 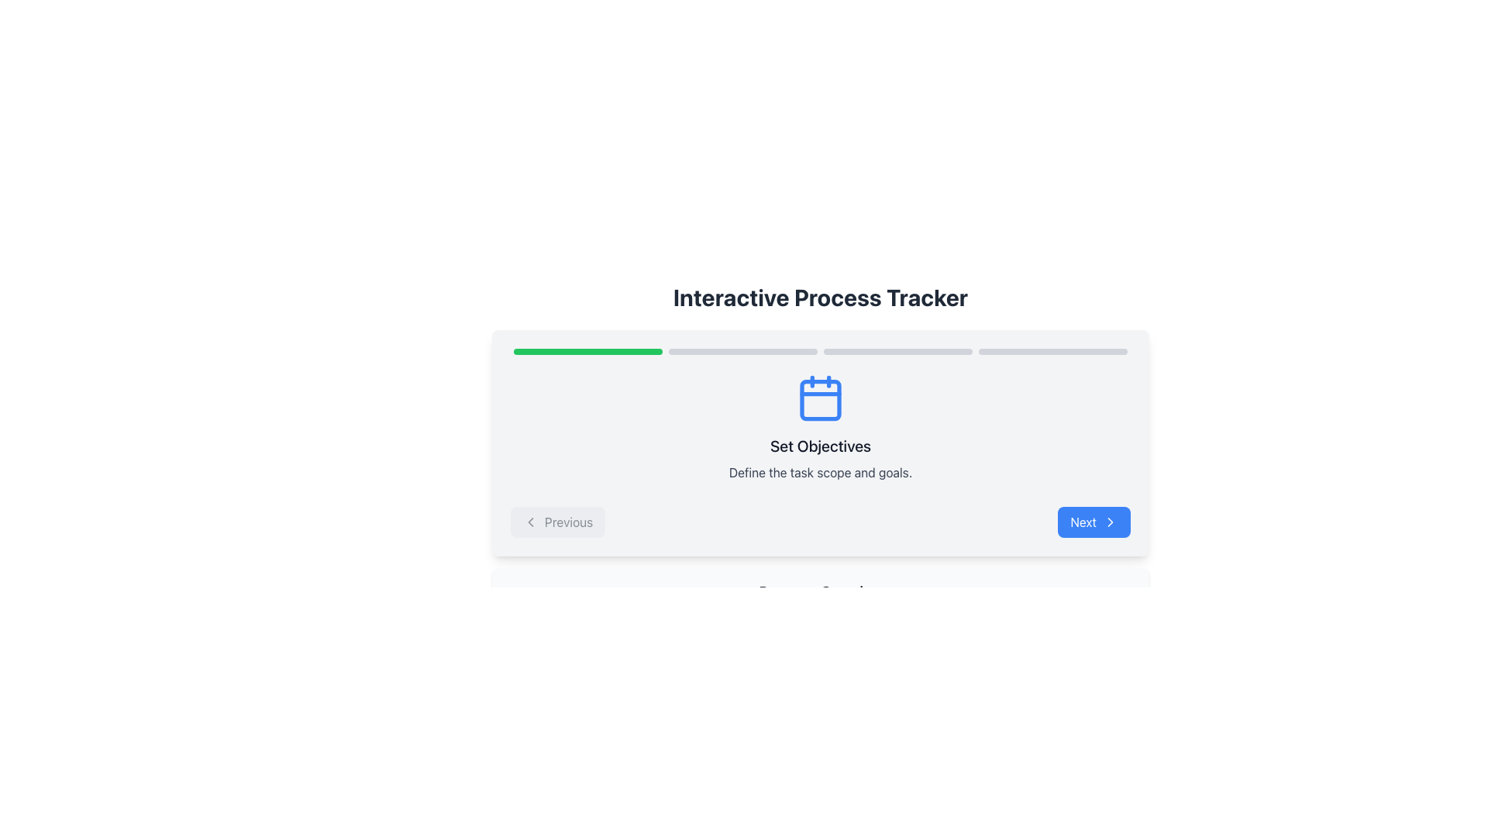 What do you see at coordinates (820, 427) in the screenshot?
I see `the informational cluster containing a large blue calendar icon and the text 'Set Objectives' with a description below it` at bounding box center [820, 427].